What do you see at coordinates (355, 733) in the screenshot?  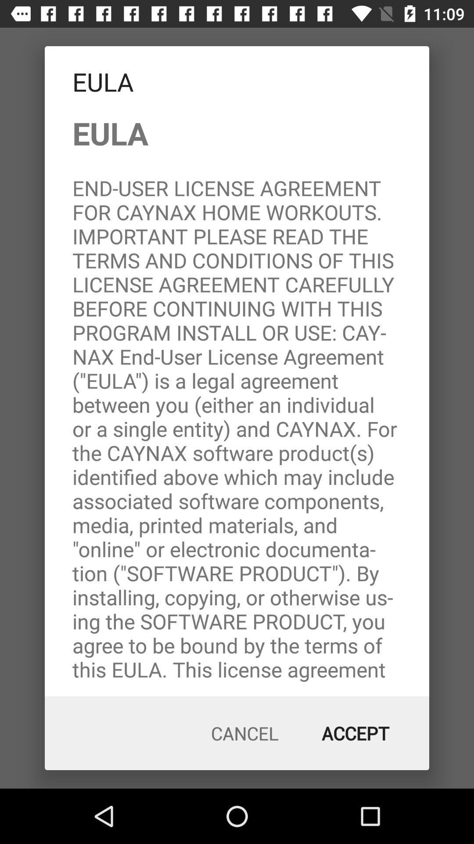 I see `icon to the right of cancel item` at bounding box center [355, 733].